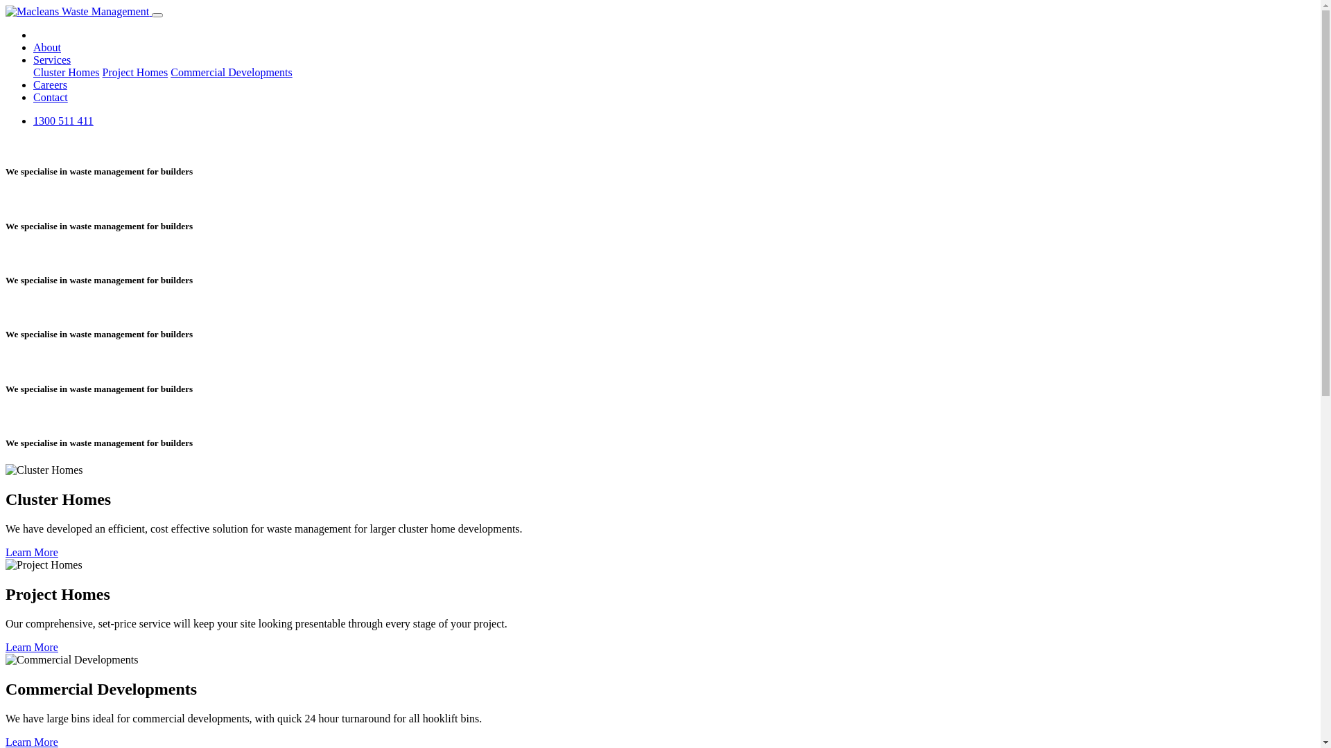 The image size is (1331, 748). What do you see at coordinates (32, 551) in the screenshot?
I see `'Learn More'` at bounding box center [32, 551].